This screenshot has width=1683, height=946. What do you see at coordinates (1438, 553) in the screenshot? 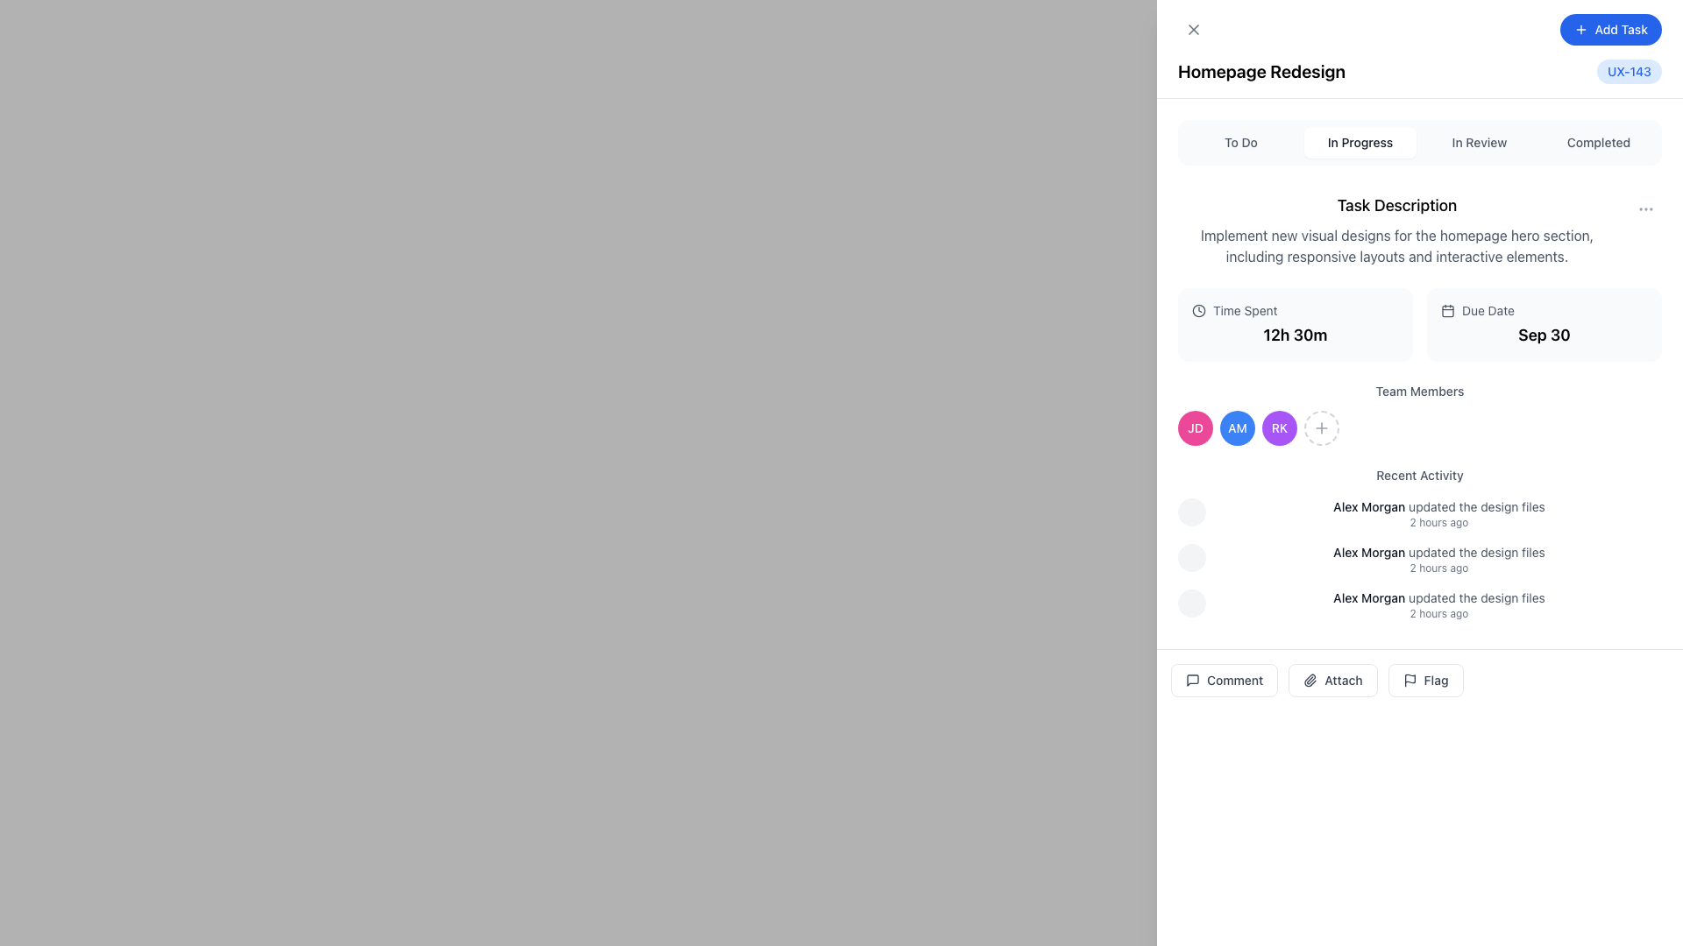
I see `the text element displaying 'Alex Morgan updated the design files' in the Recent Activity section, which is styled with a small gray font and has 'Alex Morgan' in bold` at bounding box center [1438, 553].